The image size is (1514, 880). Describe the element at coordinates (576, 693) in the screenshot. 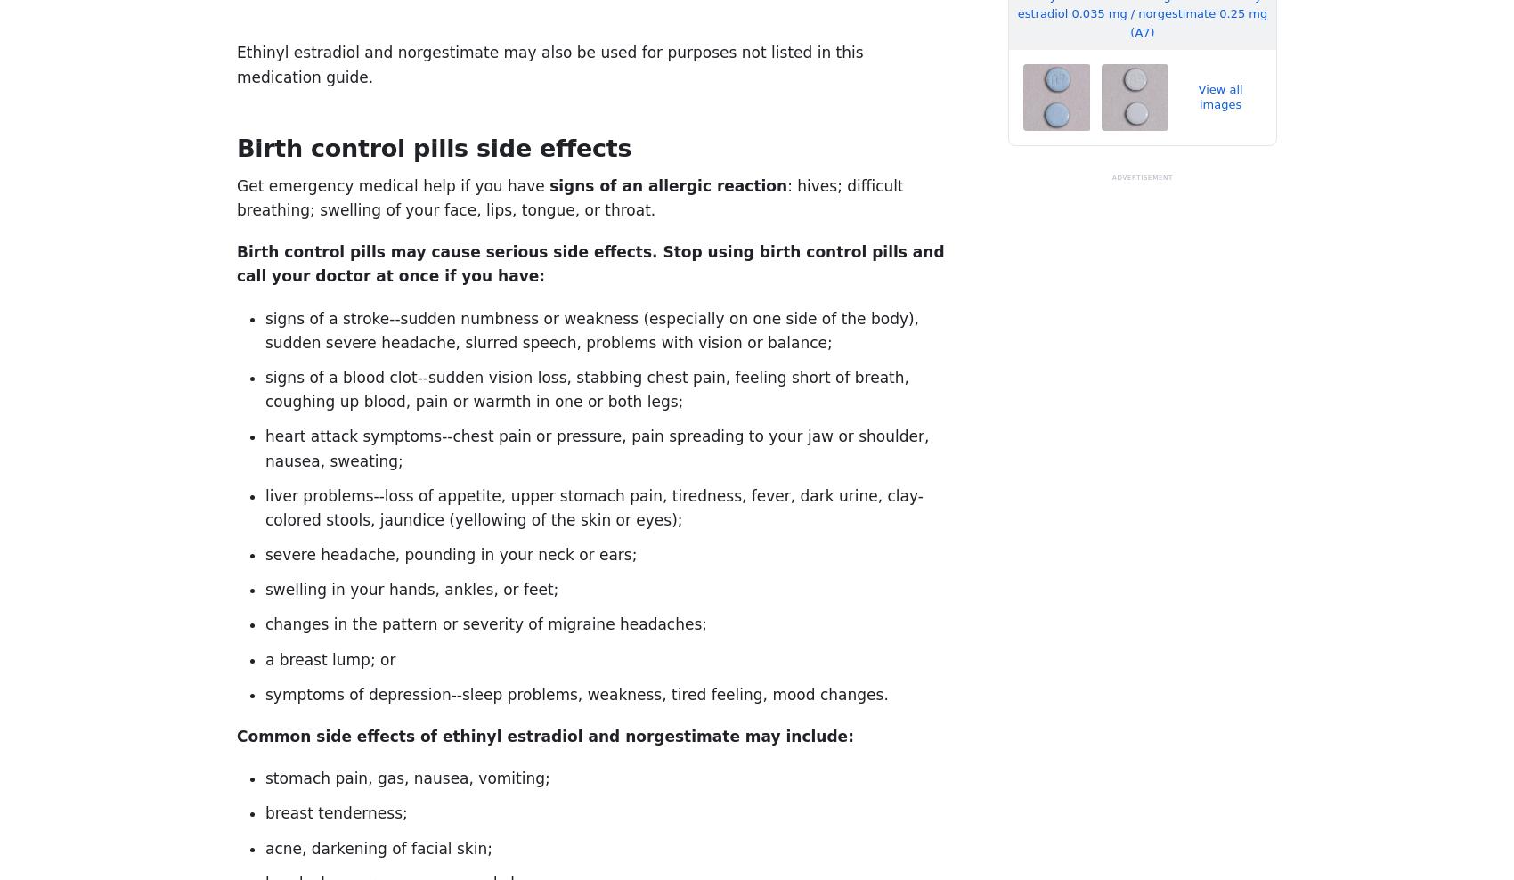

I see `'symptoms of depression--sleep problems, weakness, tired feeling, mood changes.'` at that location.